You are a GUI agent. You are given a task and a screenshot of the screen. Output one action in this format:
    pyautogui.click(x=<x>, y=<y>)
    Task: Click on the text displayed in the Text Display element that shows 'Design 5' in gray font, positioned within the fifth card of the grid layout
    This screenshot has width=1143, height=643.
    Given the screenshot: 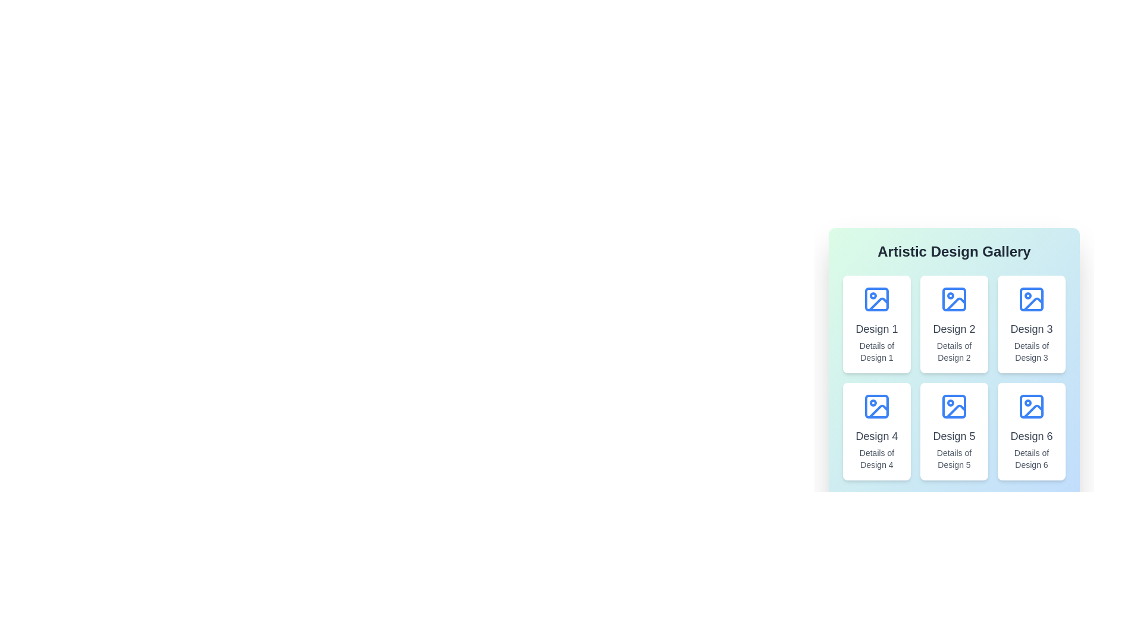 What is the action you would take?
    pyautogui.click(x=954, y=436)
    